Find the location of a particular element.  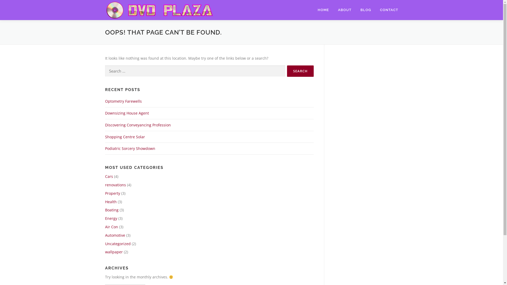

'Energy' is located at coordinates (111, 218).